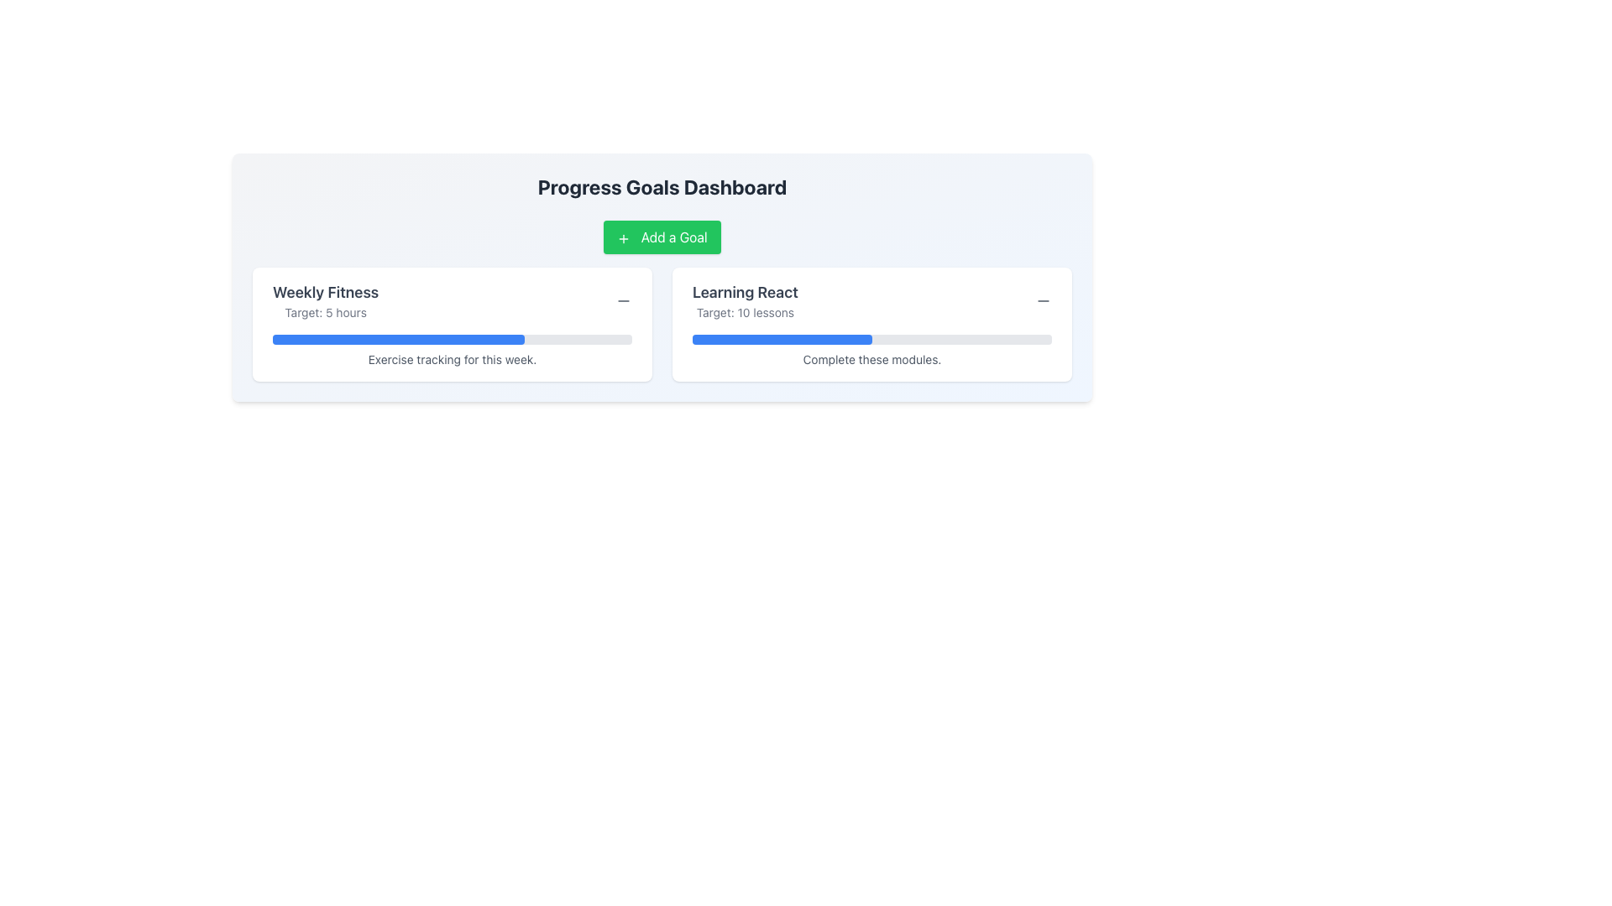 Image resolution: width=1612 pixels, height=906 pixels. What do you see at coordinates (326, 313) in the screenshot?
I see `the Static Text Label that specifies the target duration of time for the 'Weekly Fitness' goal, located within the 'Weekly Fitness' card` at bounding box center [326, 313].